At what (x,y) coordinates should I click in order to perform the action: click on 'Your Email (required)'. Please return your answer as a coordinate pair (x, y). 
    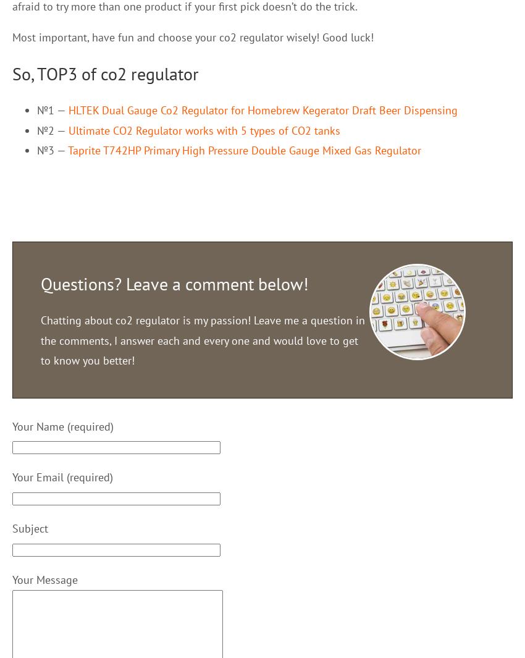
    Looking at the image, I should click on (62, 477).